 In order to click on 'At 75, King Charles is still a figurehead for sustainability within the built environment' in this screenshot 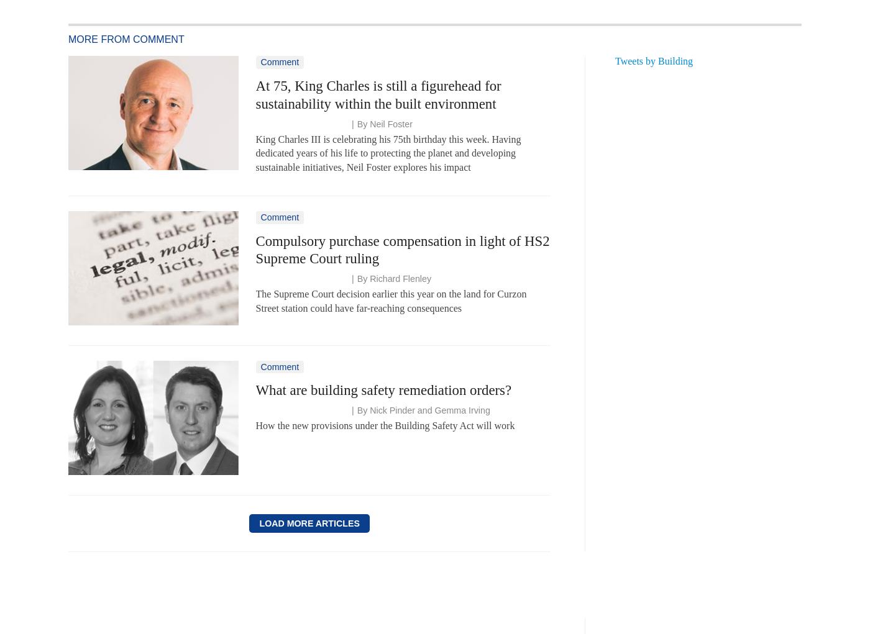, I will do `click(255, 94)`.